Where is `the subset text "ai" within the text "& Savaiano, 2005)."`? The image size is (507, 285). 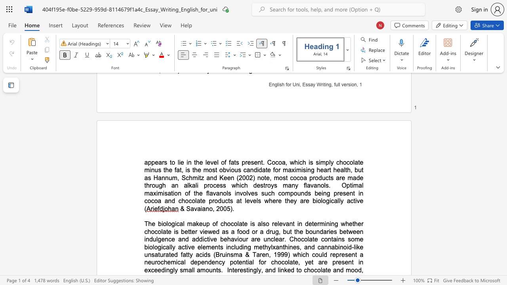 the subset text "ai" within the text "& Savaiano, 2005)." is located at coordinates (197, 208).